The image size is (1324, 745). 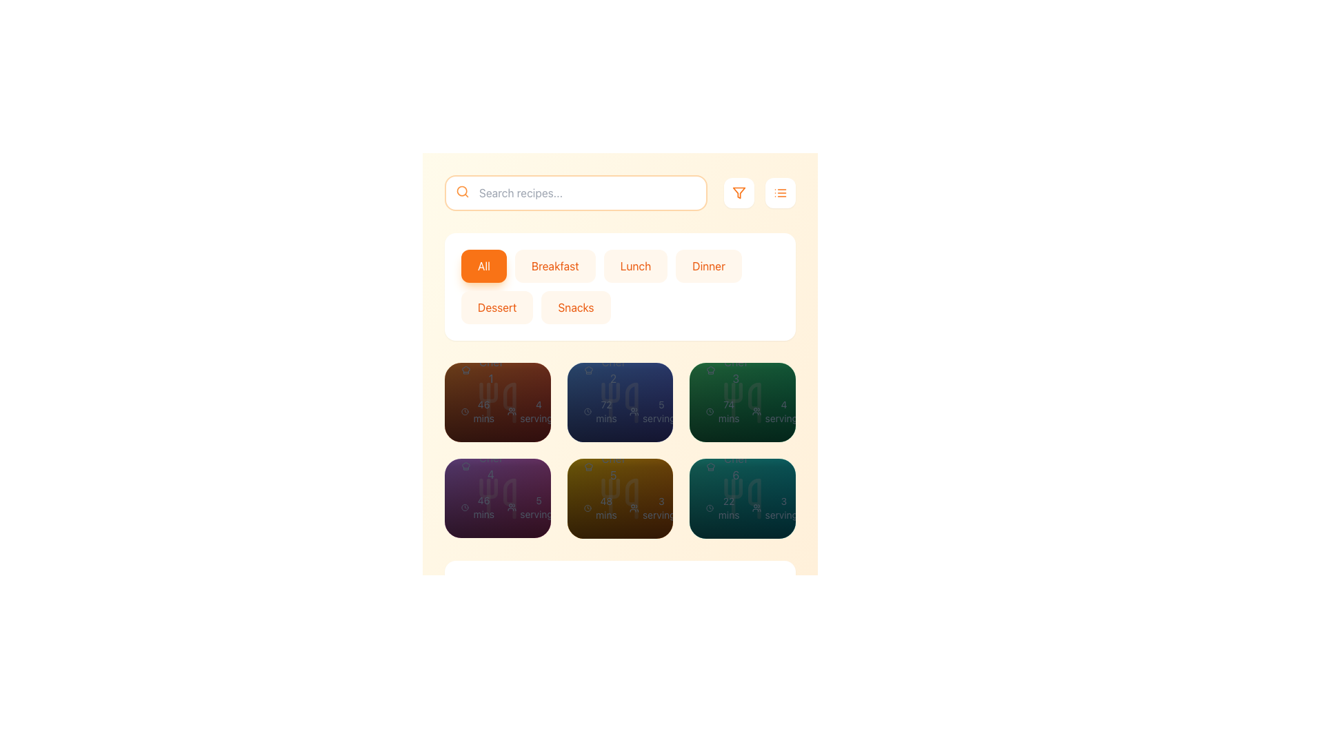 I want to click on the share button located, so click(x=538, y=498).